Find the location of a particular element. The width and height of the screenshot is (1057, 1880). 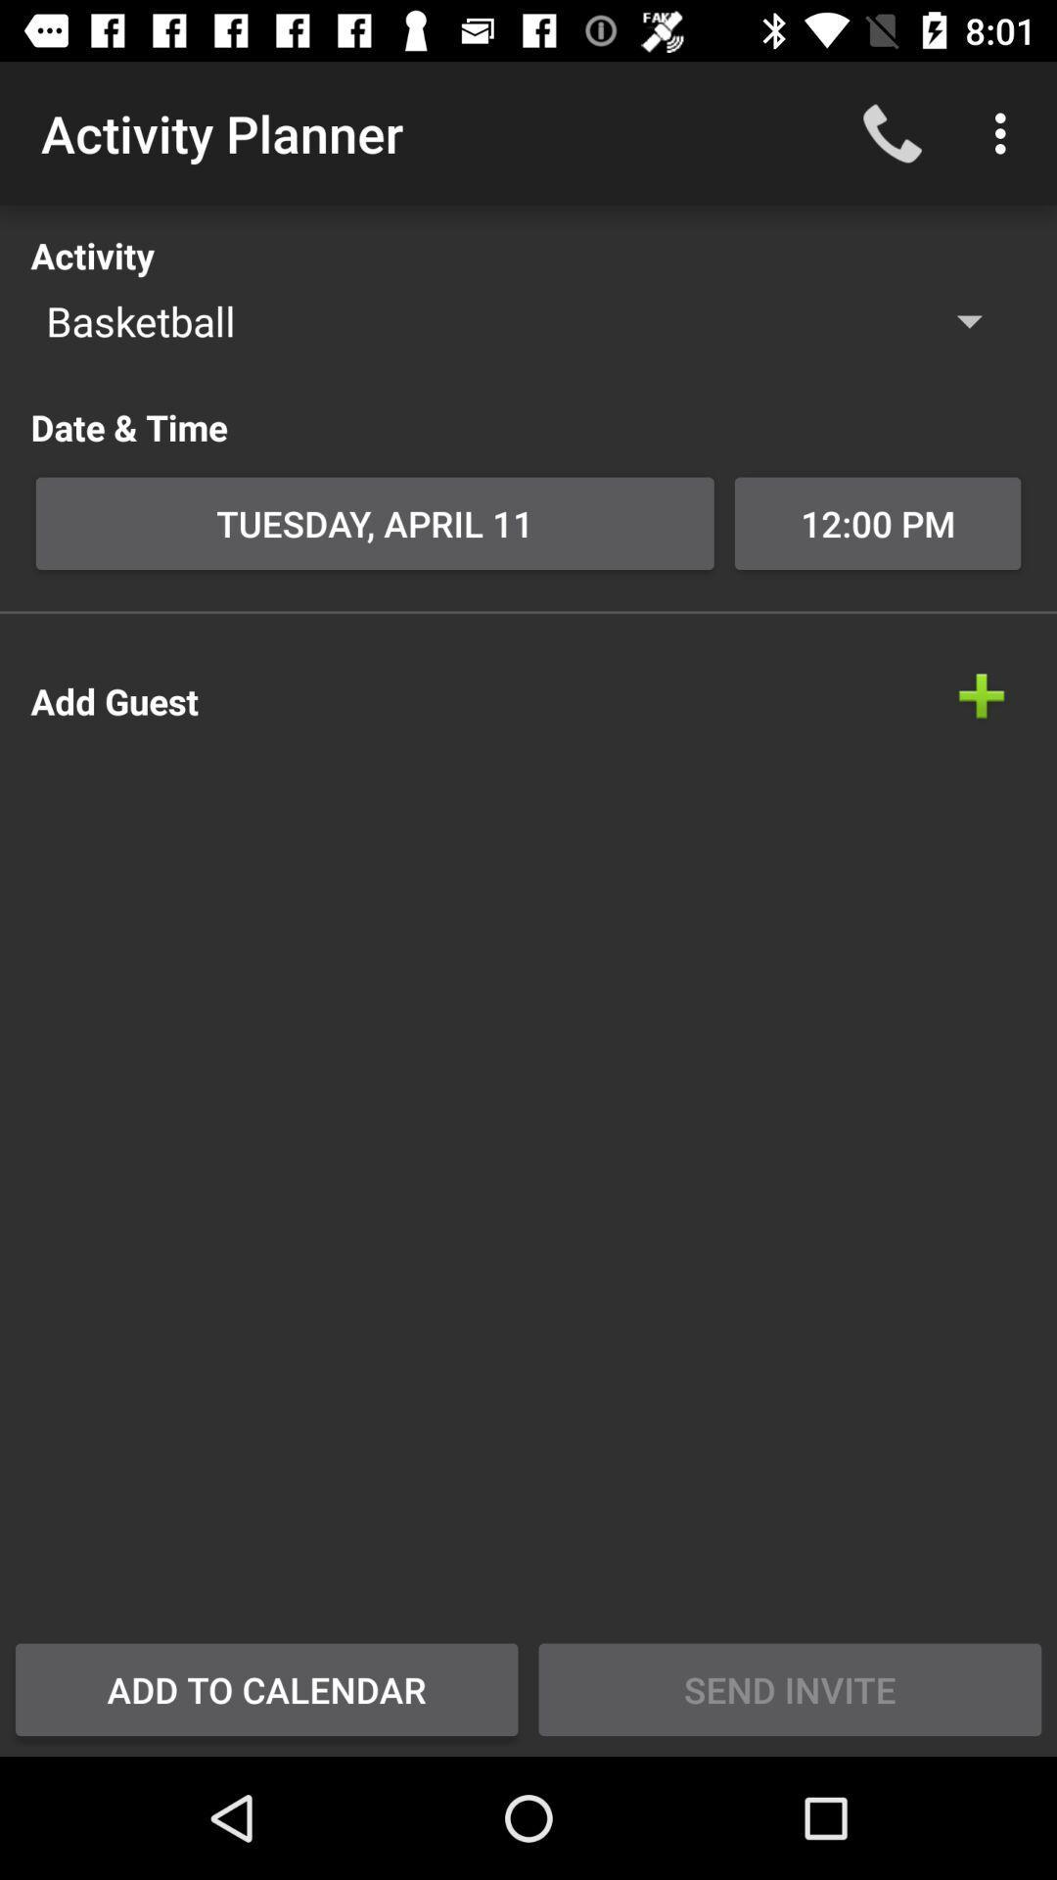

12:00 pm icon is located at coordinates (877, 523).